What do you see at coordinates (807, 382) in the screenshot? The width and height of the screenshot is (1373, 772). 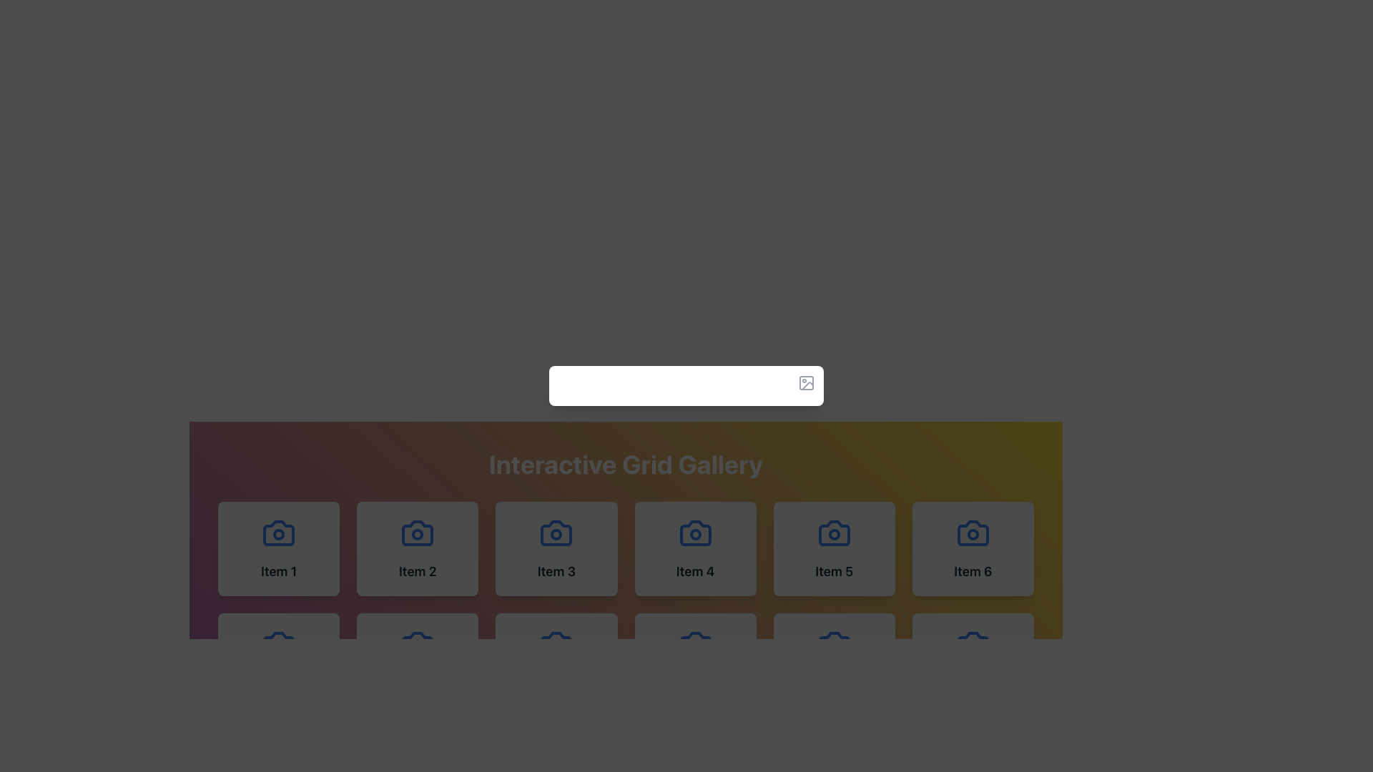 I see `the SVG Rectangle that serves as a background for the photo representation icon located at the right edge of the white search bar interface` at bounding box center [807, 382].